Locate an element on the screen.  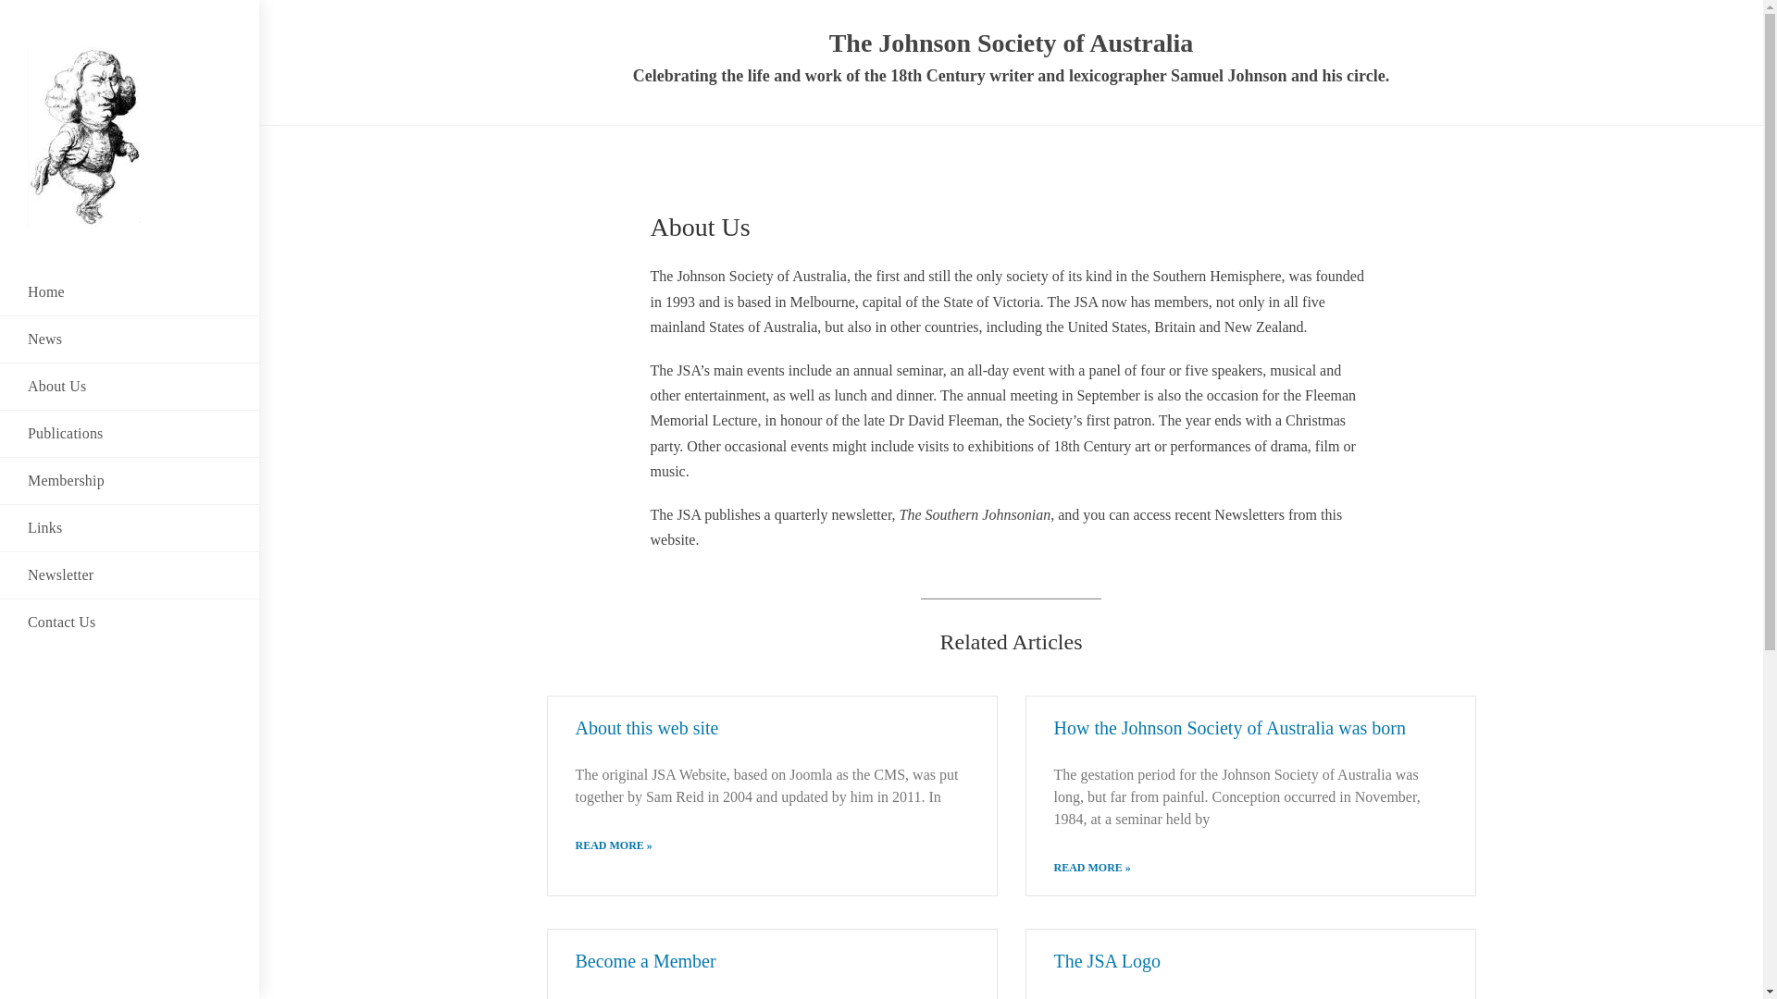
'Publications' is located at coordinates (128, 434).